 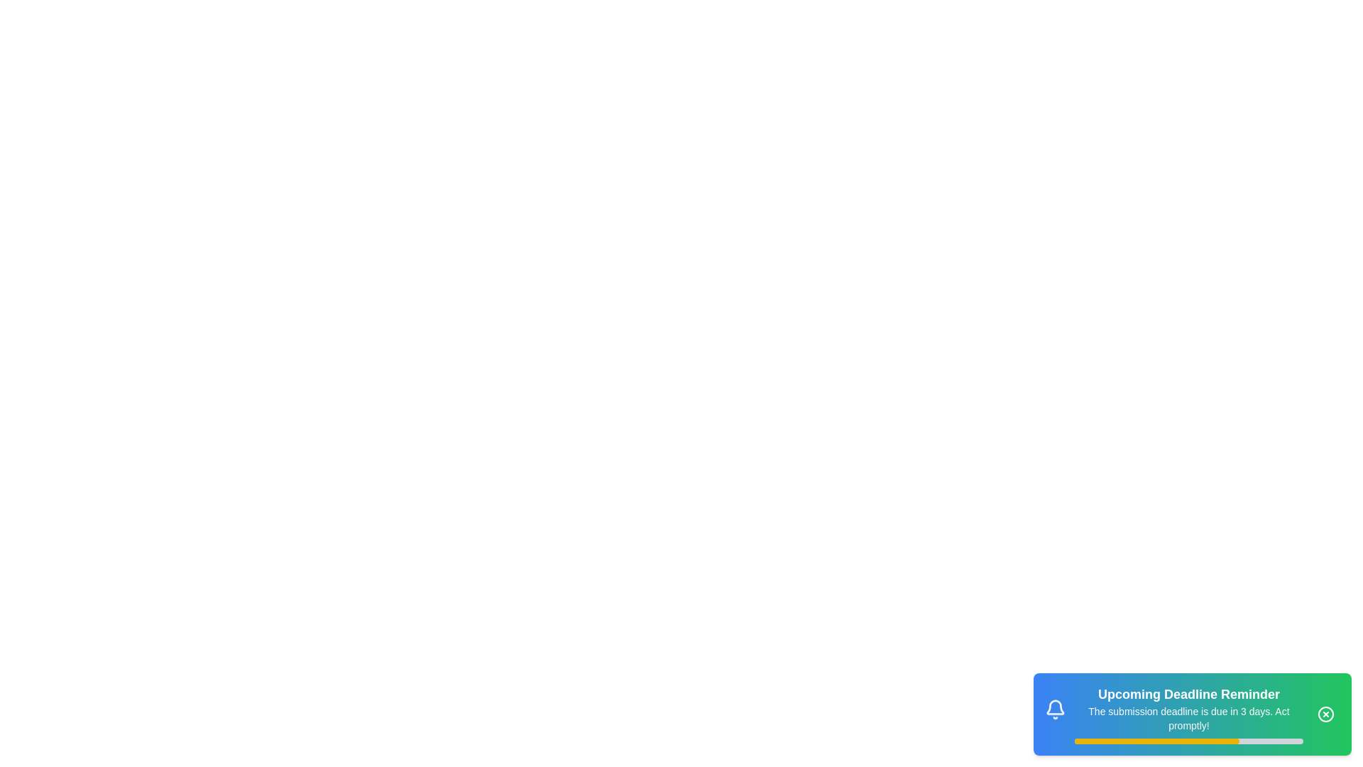 What do you see at coordinates (1325, 714) in the screenshot?
I see `the close button to dismiss the snackbar` at bounding box center [1325, 714].